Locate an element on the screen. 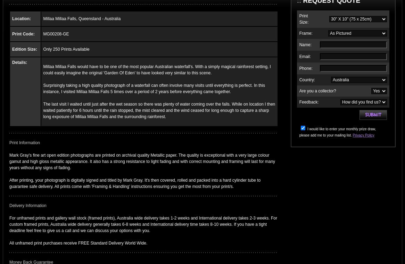 Image resolution: width=405 pixels, height=264 pixels. 'Frame:' is located at coordinates (305, 33).